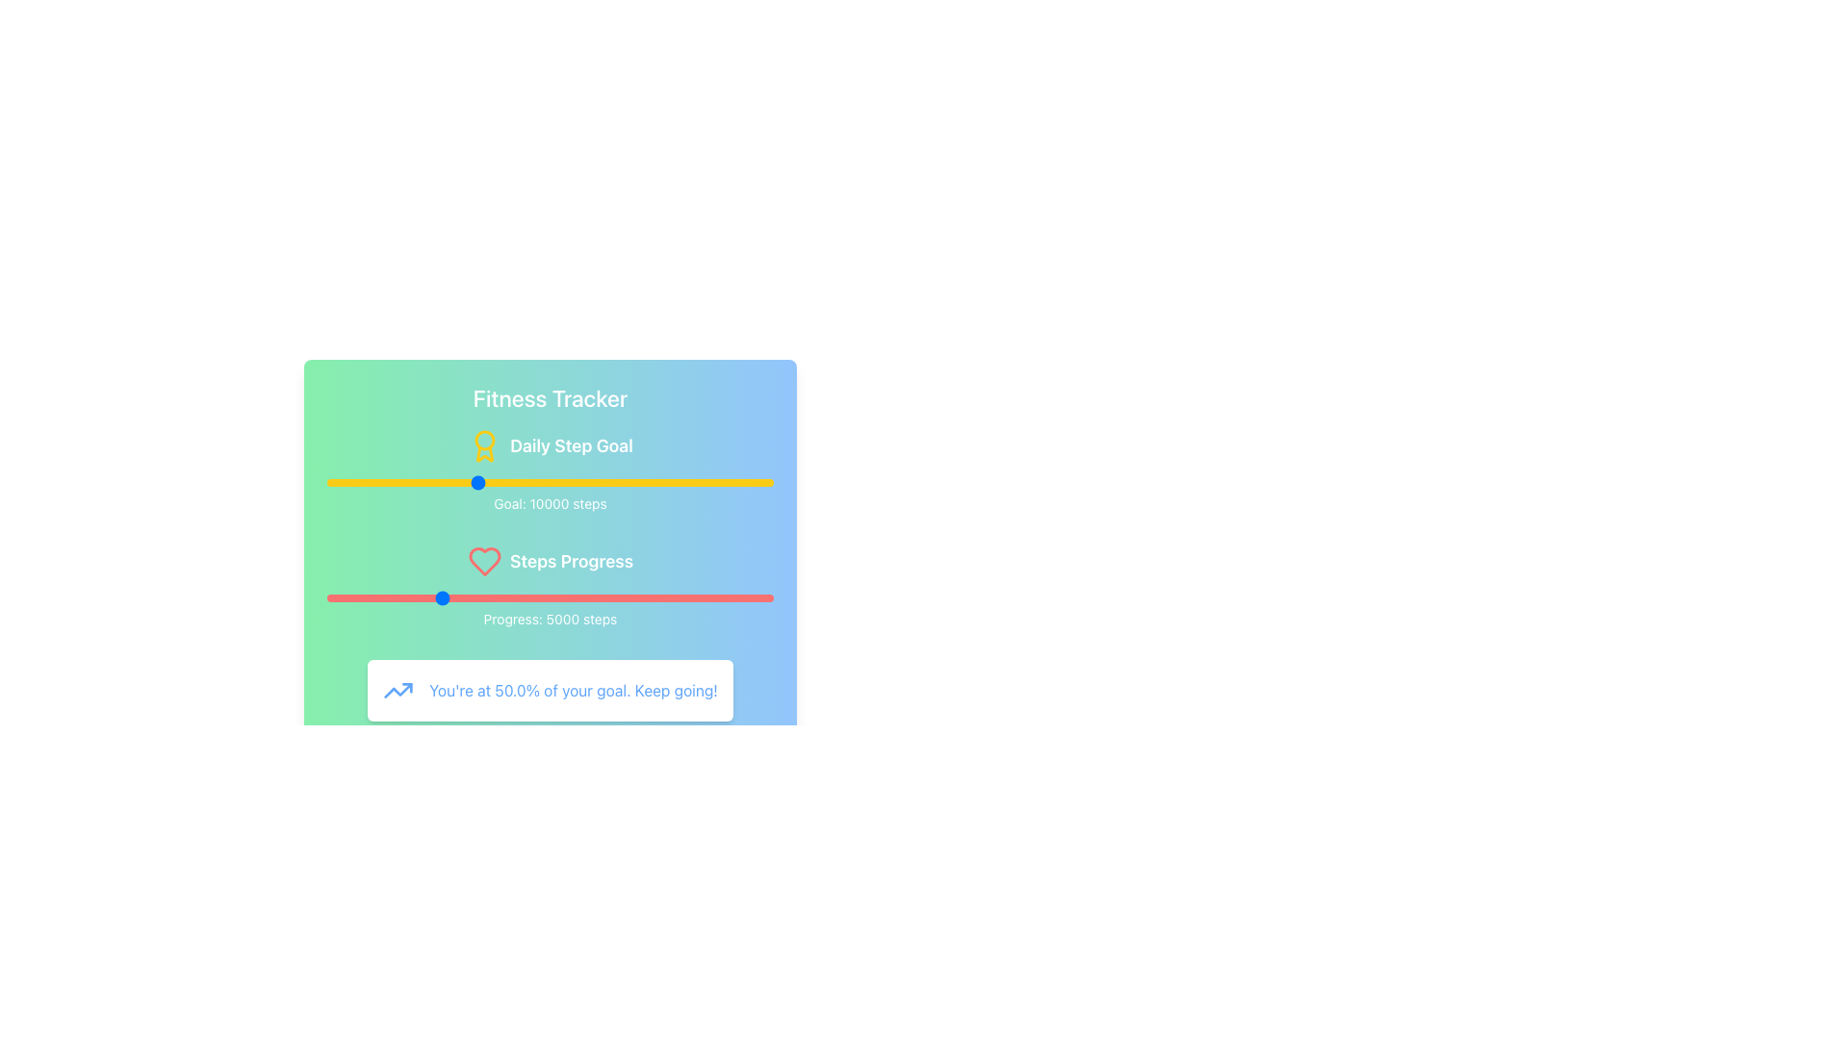 This screenshot has height=1039, width=1848. Describe the element at coordinates (549, 620) in the screenshot. I see `the Static Text Display that shows 'Progress: 5000 steps', located below the red progress bar` at that location.